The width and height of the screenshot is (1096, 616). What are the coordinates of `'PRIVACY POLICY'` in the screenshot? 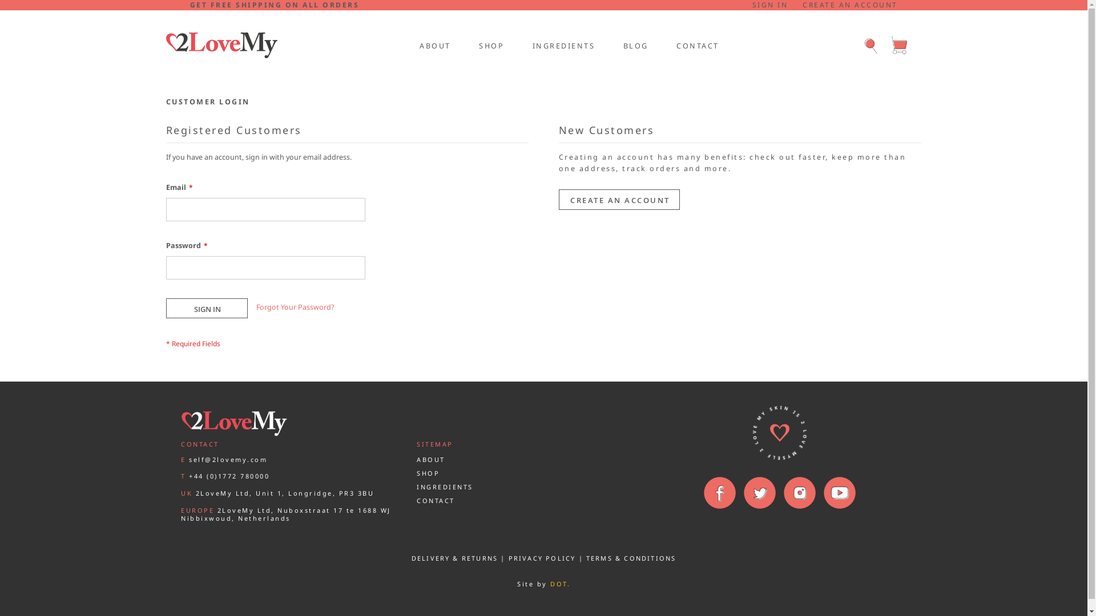 It's located at (542, 557).